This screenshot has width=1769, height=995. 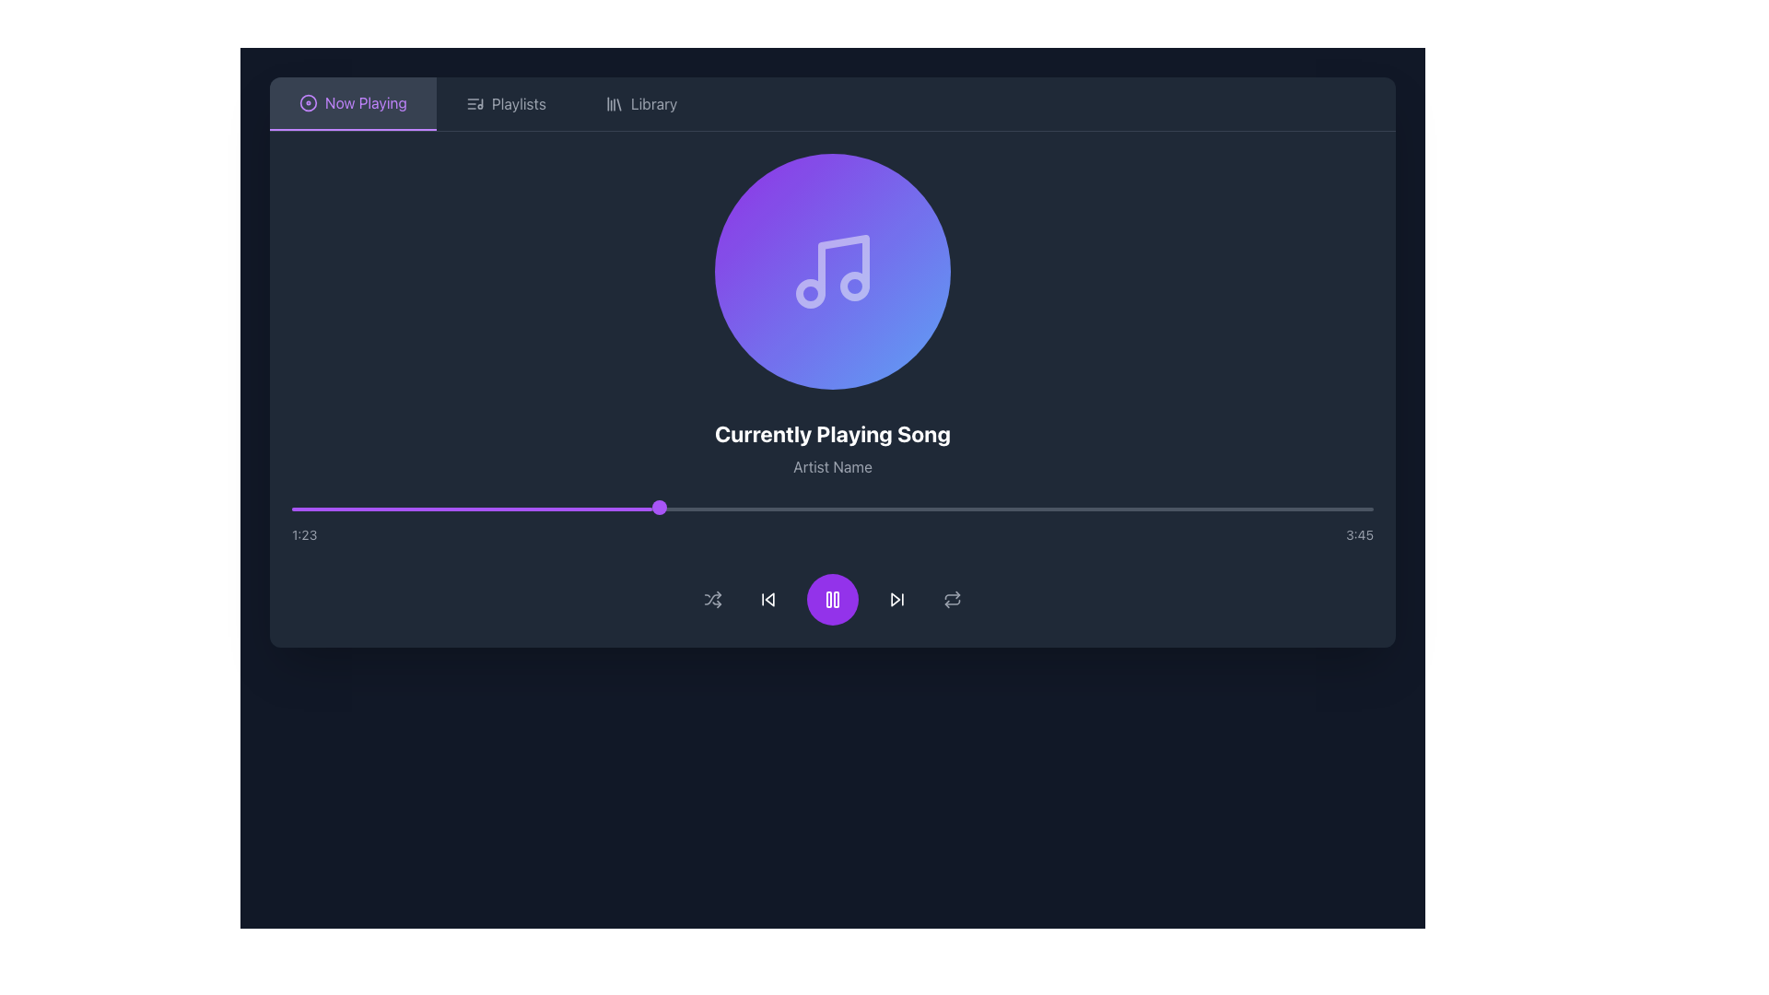 I want to click on the 'Skip Forward' button located centrally among the playback control buttons at the bottom section of the interface, so click(x=897, y=600).